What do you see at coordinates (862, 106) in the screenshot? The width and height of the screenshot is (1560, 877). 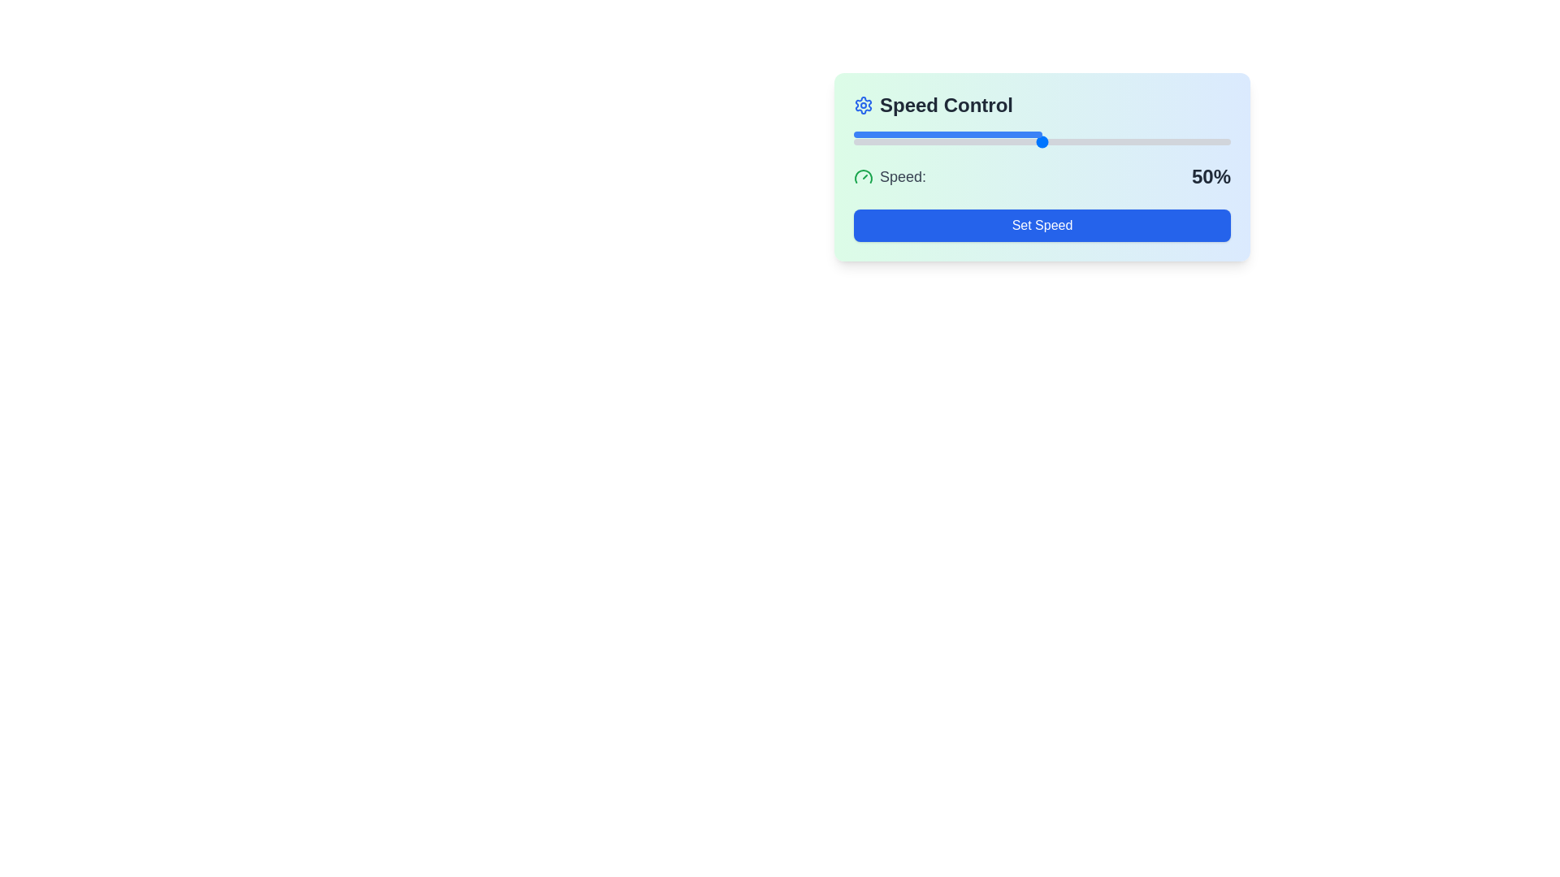 I see `the gear-shaped icon representing settings, located at the top-left corner of the 'Speed Control' card` at bounding box center [862, 106].